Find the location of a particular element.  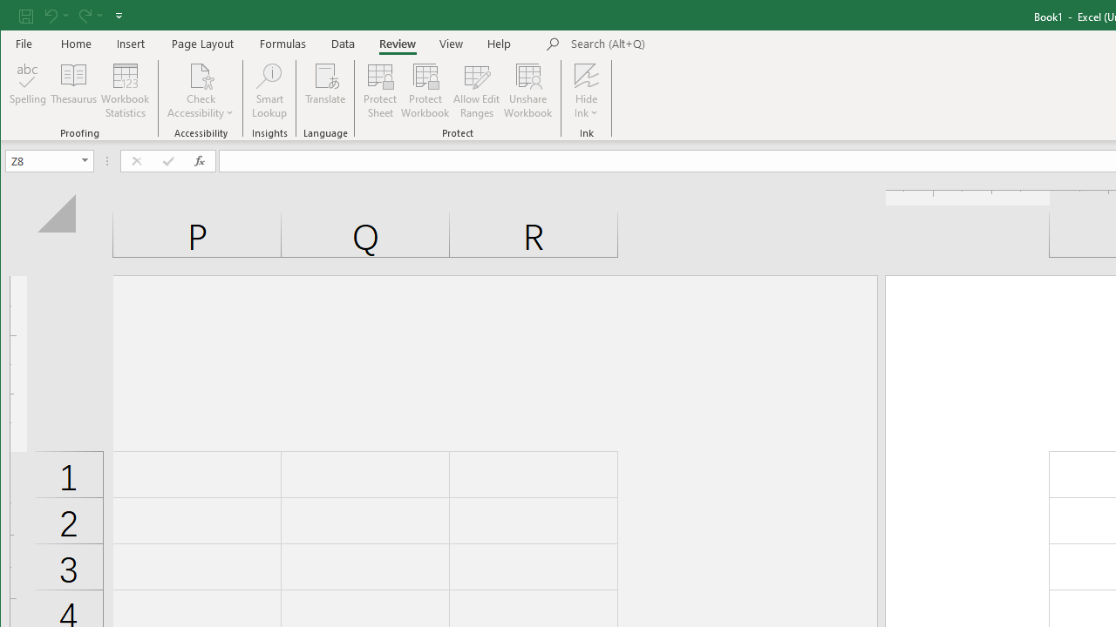

'Save' is located at coordinates (25, 15).